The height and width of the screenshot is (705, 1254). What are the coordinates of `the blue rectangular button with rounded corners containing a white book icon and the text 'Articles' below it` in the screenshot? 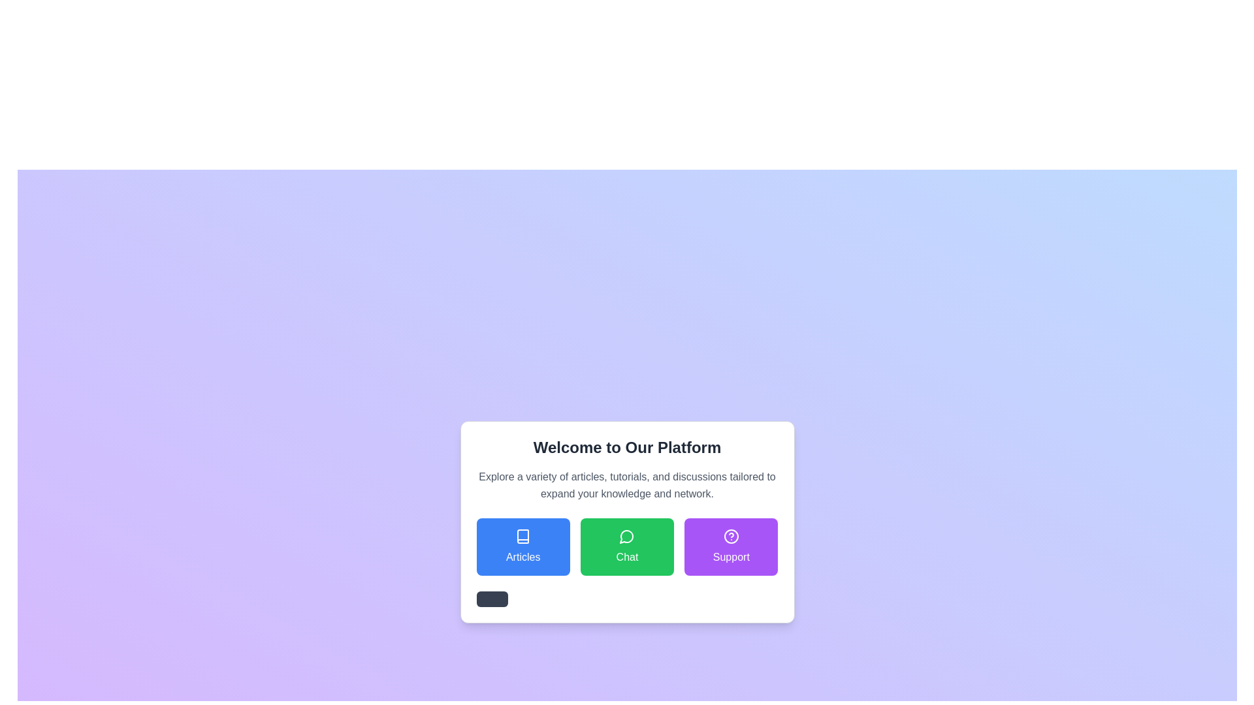 It's located at (523, 546).